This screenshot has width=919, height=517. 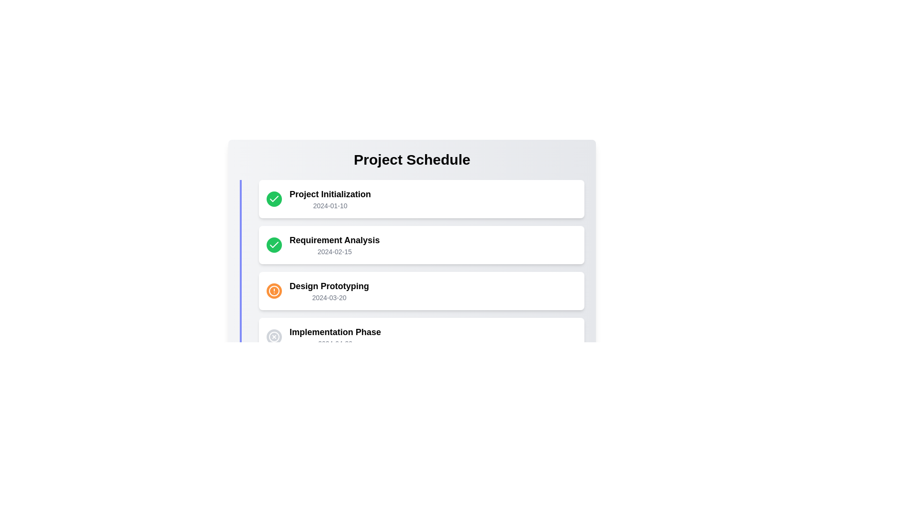 What do you see at coordinates (273, 337) in the screenshot?
I see `the status icon indicating an error or issue in the fourth entry of the 'Implementation Phase' list item` at bounding box center [273, 337].